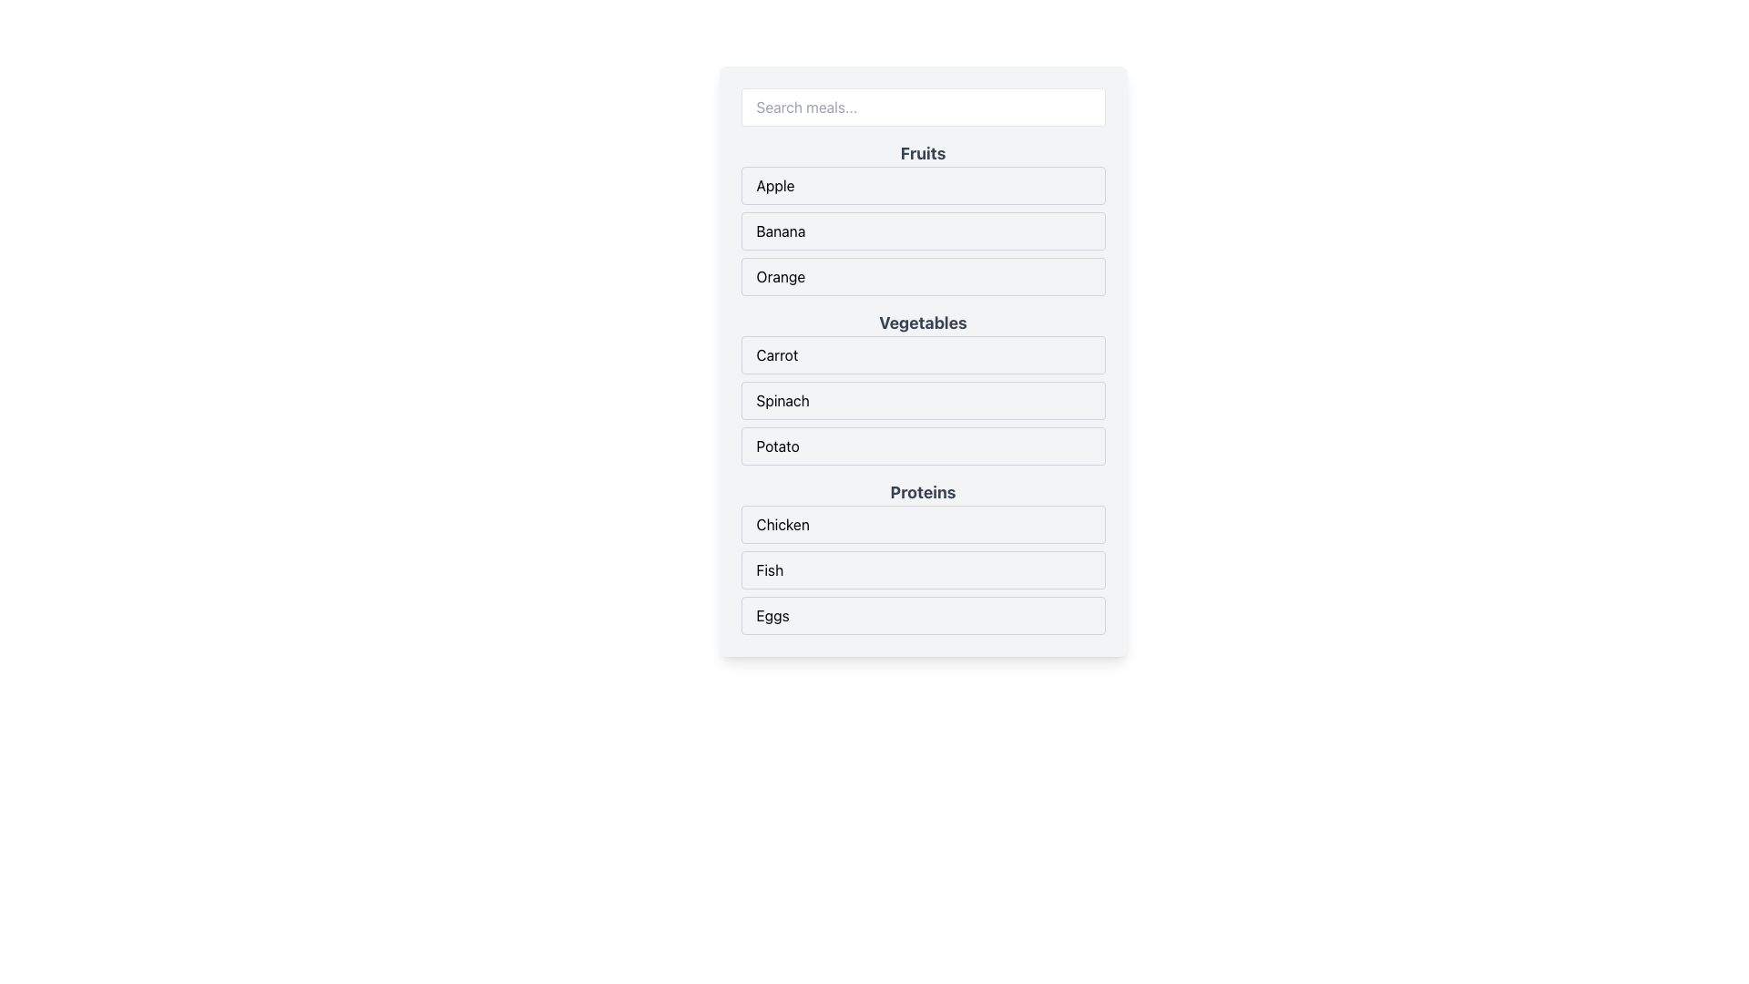  What do you see at coordinates (770, 569) in the screenshot?
I see `the text label displaying the word 'Fish', which is the second item in the 'Proteins' section of the vertical list layout` at bounding box center [770, 569].